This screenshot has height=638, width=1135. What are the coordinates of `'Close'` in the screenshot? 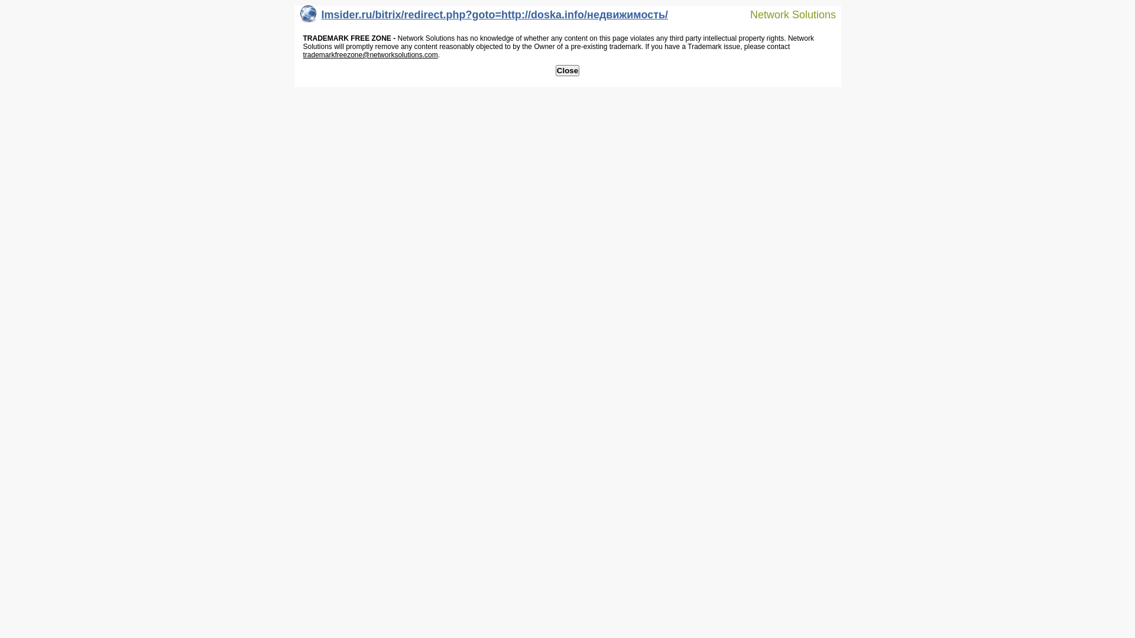 It's located at (567, 70).